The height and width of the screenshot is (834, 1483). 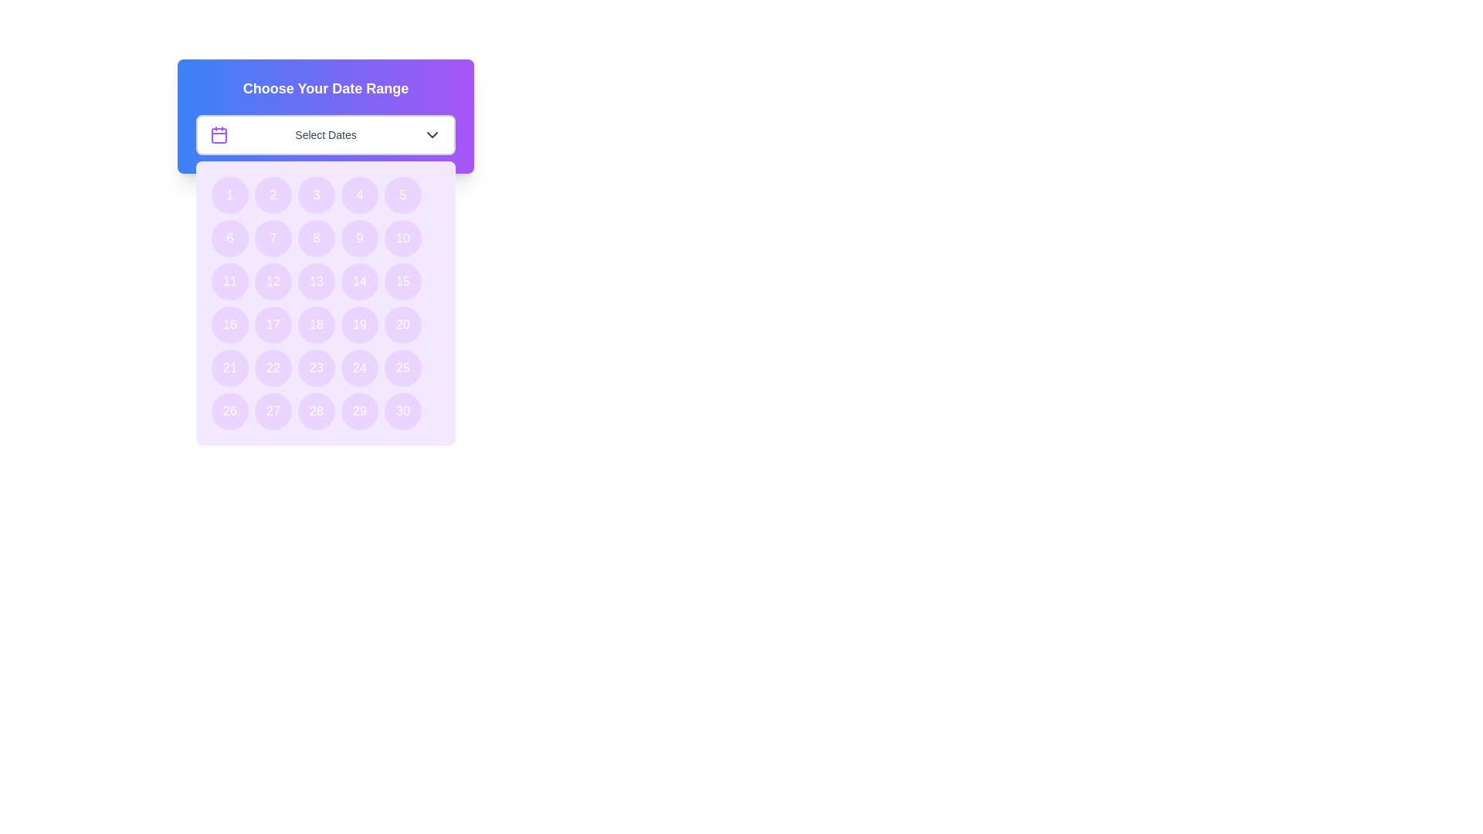 I want to click on the circular button with a light purple background and the number '20' centered in white, so click(x=403, y=324).